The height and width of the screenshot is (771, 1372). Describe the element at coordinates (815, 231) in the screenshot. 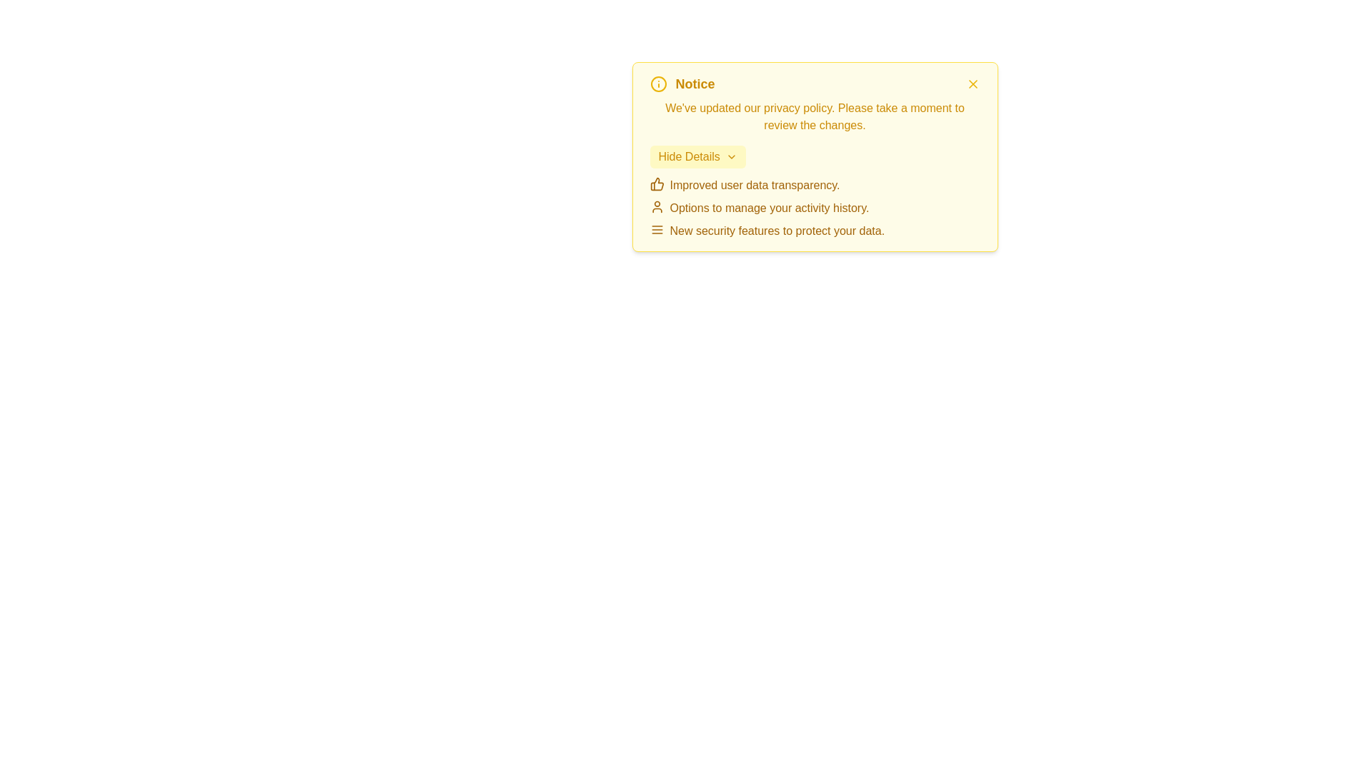

I see `the informational text about new security features for reading, located in the pale yellow notification box as the third item in a vertical list` at that location.